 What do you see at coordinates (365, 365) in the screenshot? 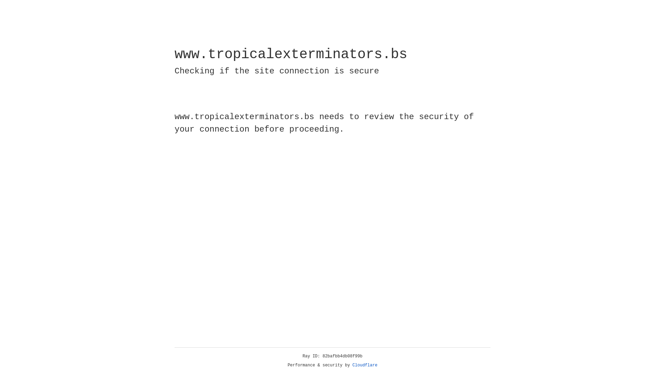
I see `'Cloudflare'` at bounding box center [365, 365].